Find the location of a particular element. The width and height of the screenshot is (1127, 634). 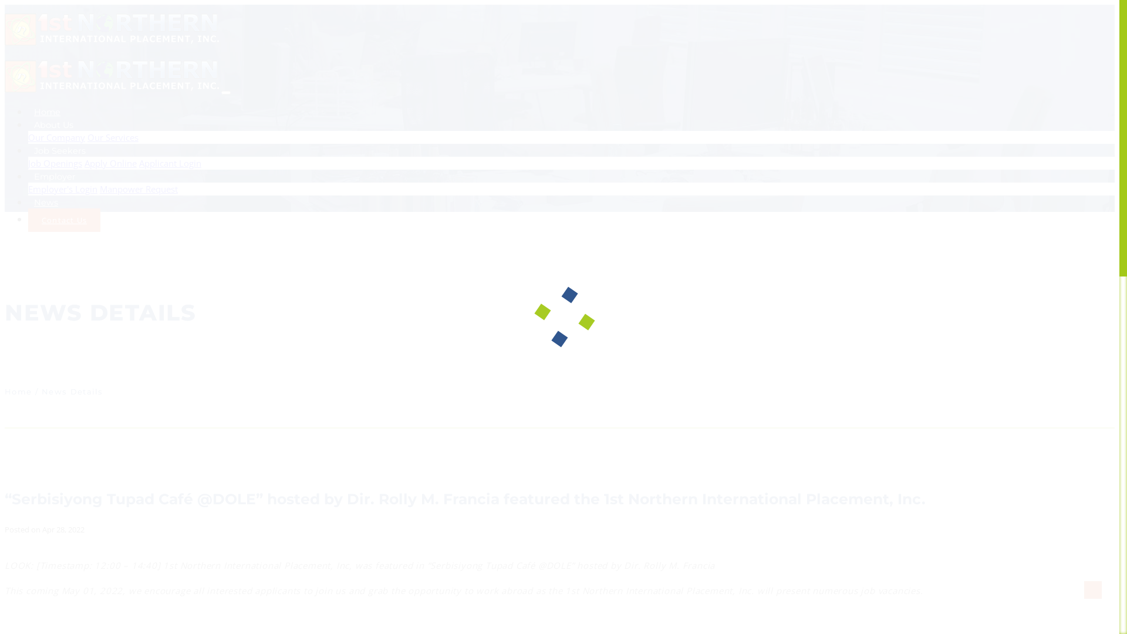

'Our Company' is located at coordinates (28, 137).